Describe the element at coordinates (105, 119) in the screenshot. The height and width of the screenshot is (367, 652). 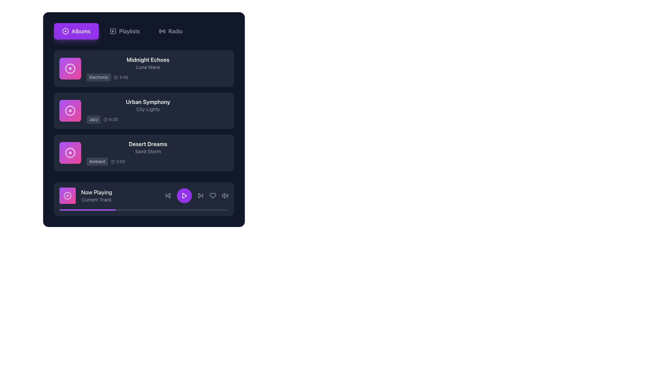
I see `the circle element within the SVG graphic of the clock icon, positioned to the left of the duration text '4:20' for the track titled 'Urban Symphony'` at that location.